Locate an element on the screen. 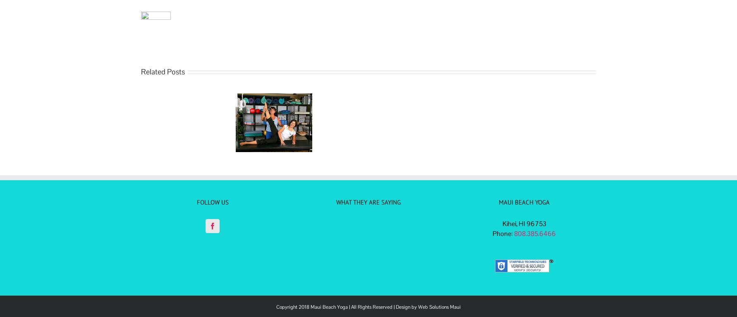 Image resolution: width=737 pixels, height=317 pixels. 'Related Posts' is located at coordinates (141, 71).